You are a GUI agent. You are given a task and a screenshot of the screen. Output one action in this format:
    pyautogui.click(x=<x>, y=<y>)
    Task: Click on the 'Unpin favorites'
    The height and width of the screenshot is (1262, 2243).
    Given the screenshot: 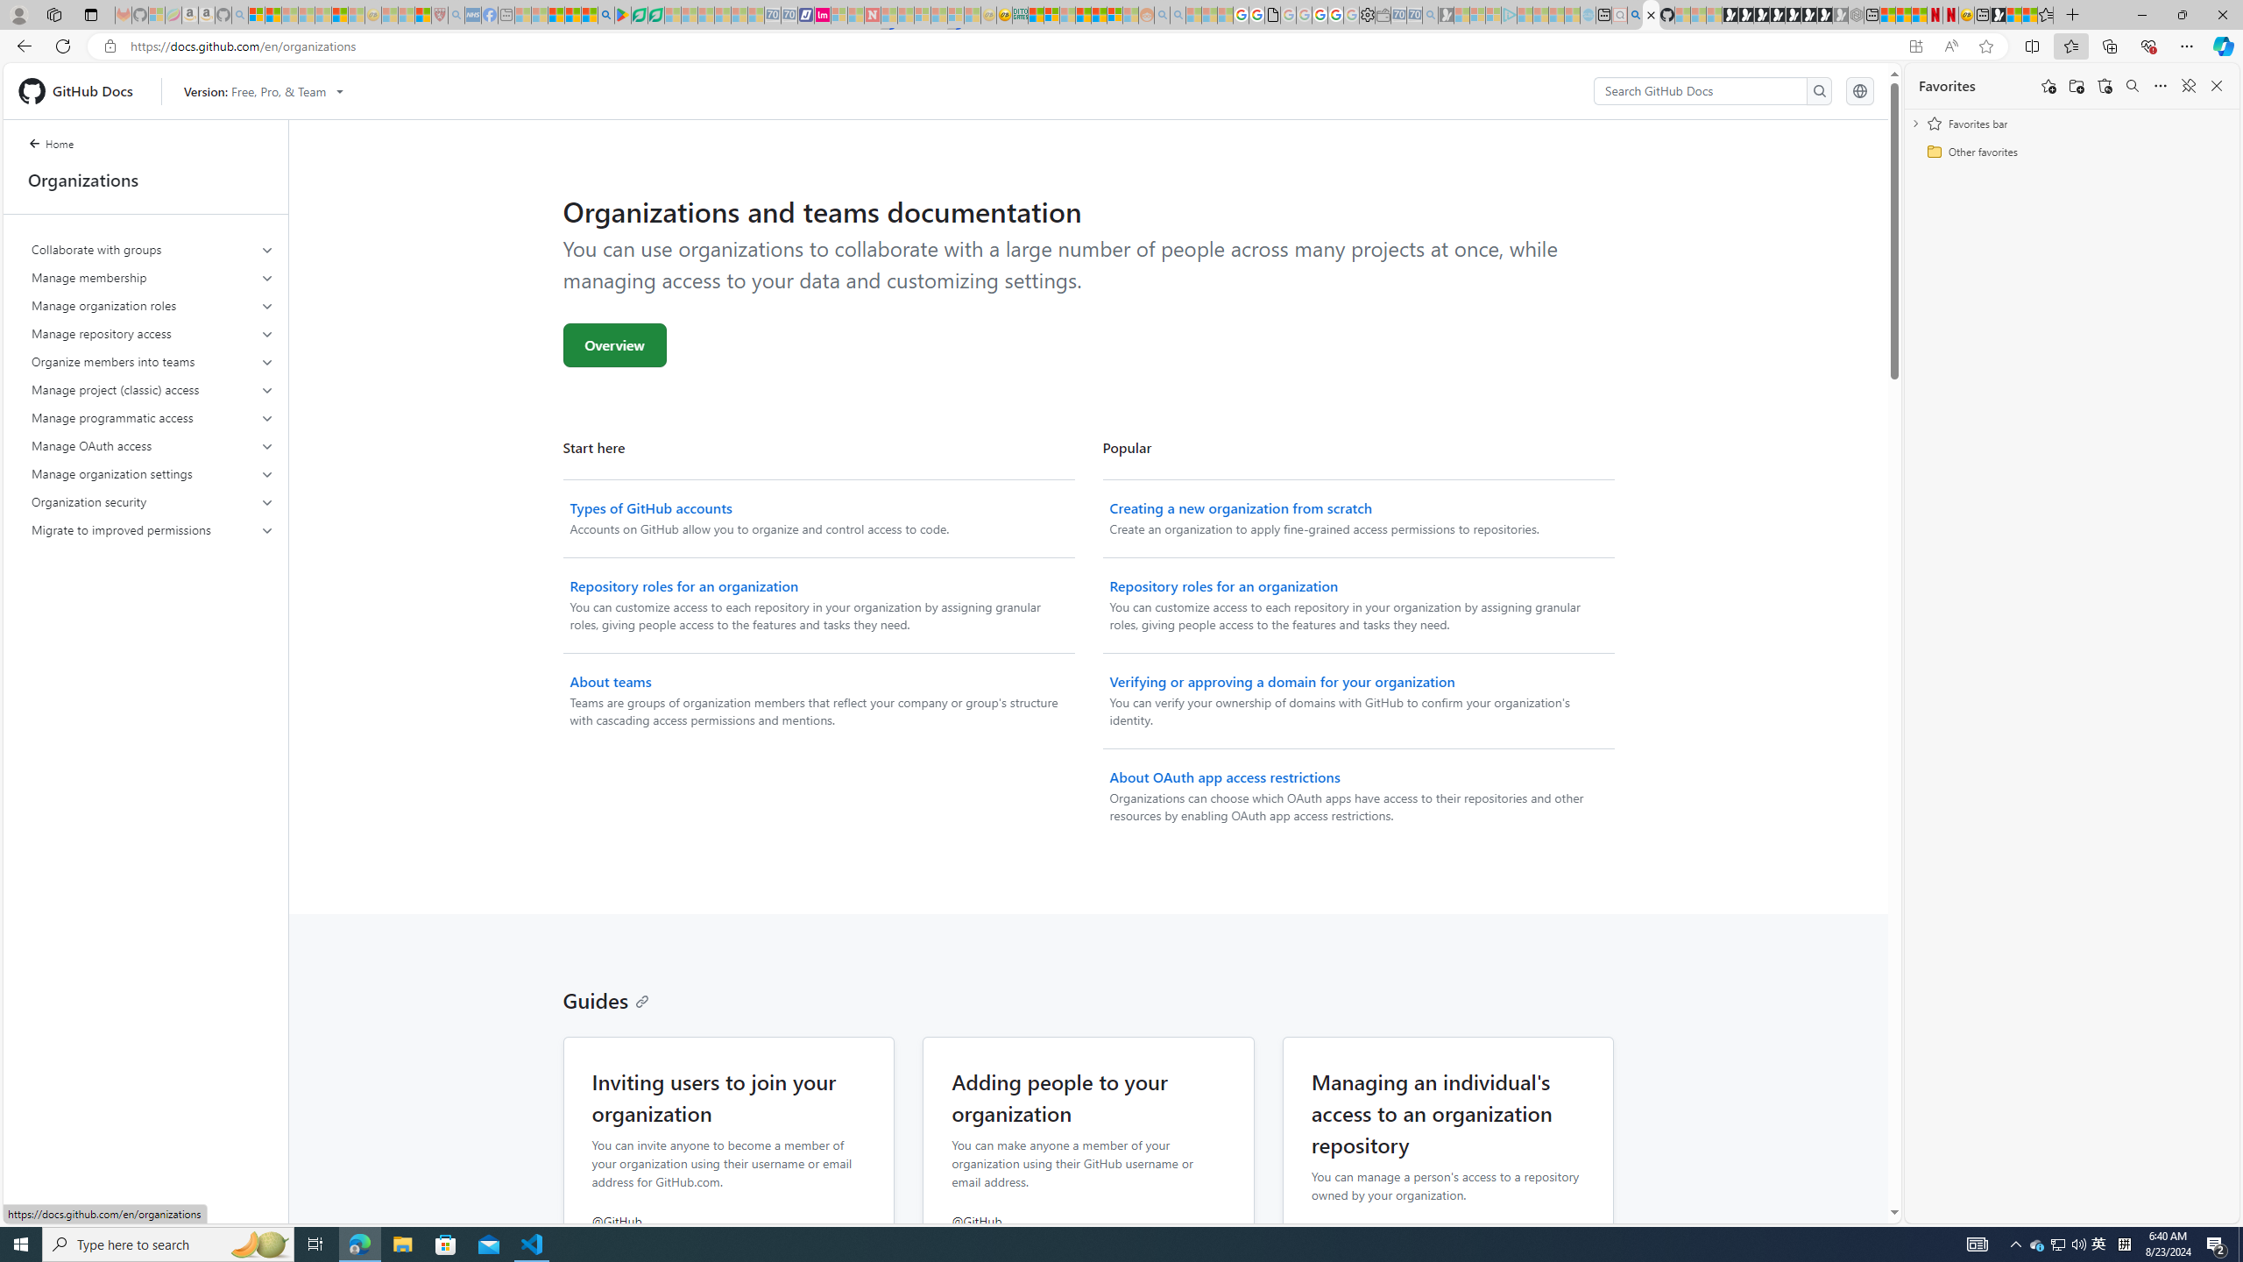 What is the action you would take?
    pyautogui.click(x=2187, y=84)
    